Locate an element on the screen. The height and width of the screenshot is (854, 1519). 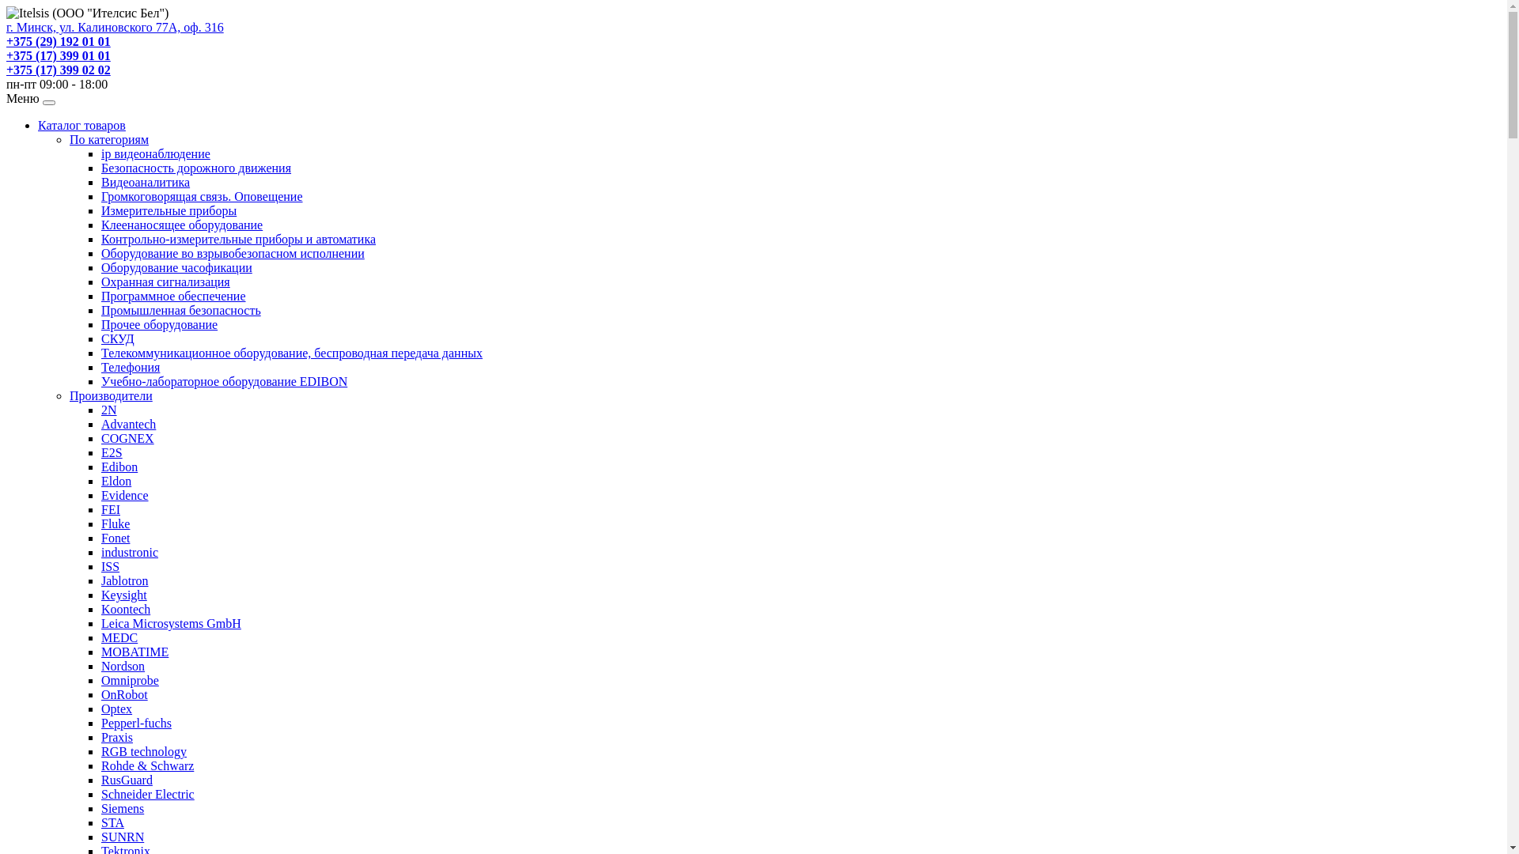
'+375 (17) 399 01 01' is located at coordinates (6, 55).